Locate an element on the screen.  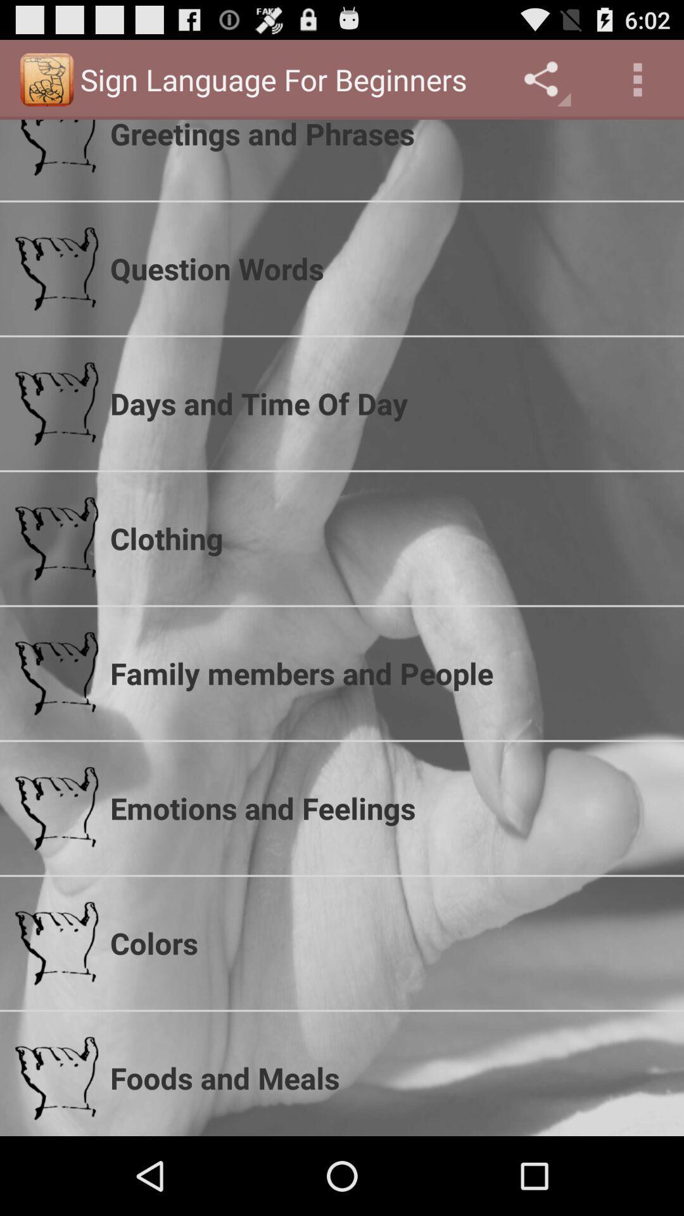
the icon below the emotions and feelings is located at coordinates (388, 943).